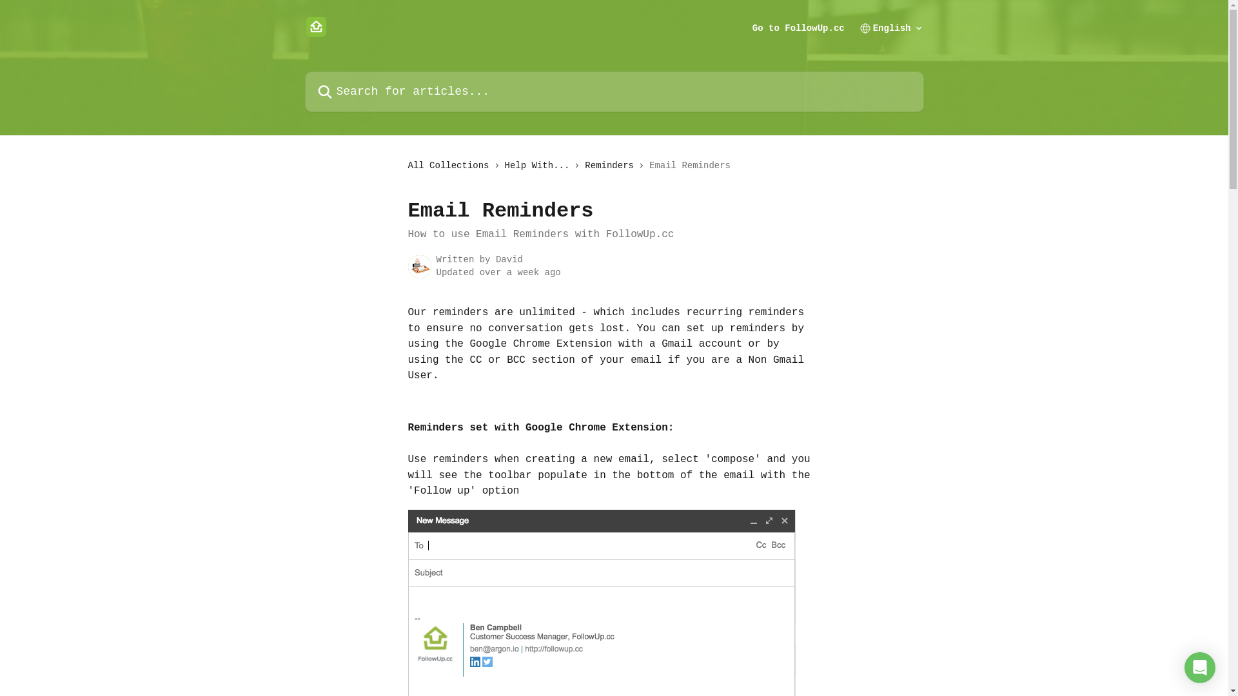 The width and height of the screenshot is (1238, 696). What do you see at coordinates (451, 165) in the screenshot?
I see `'All Collections'` at bounding box center [451, 165].